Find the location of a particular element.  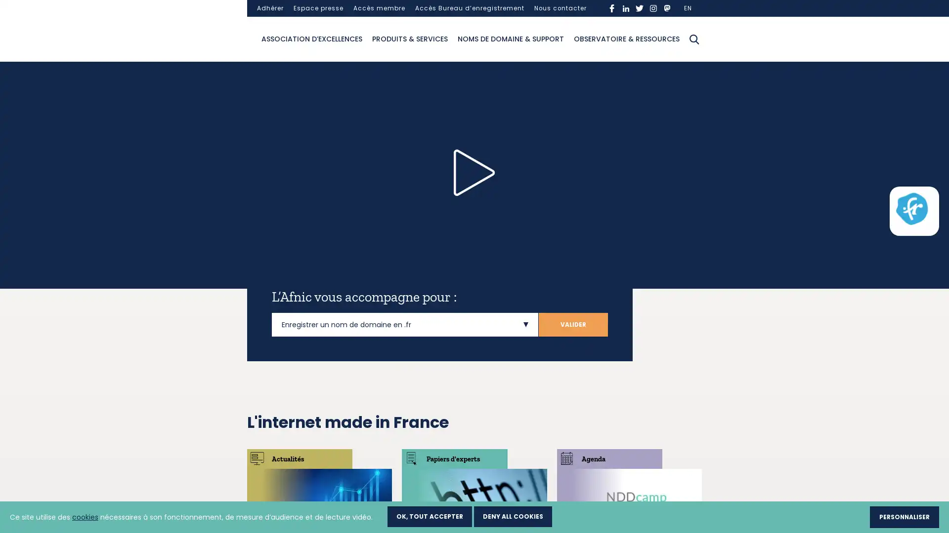

Ouvrir la pastille .fr is located at coordinates (911, 208).